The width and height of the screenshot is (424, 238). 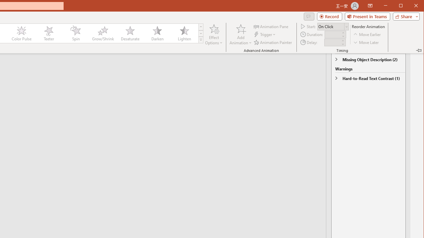 What do you see at coordinates (417, 6) in the screenshot?
I see `'Close'` at bounding box center [417, 6].